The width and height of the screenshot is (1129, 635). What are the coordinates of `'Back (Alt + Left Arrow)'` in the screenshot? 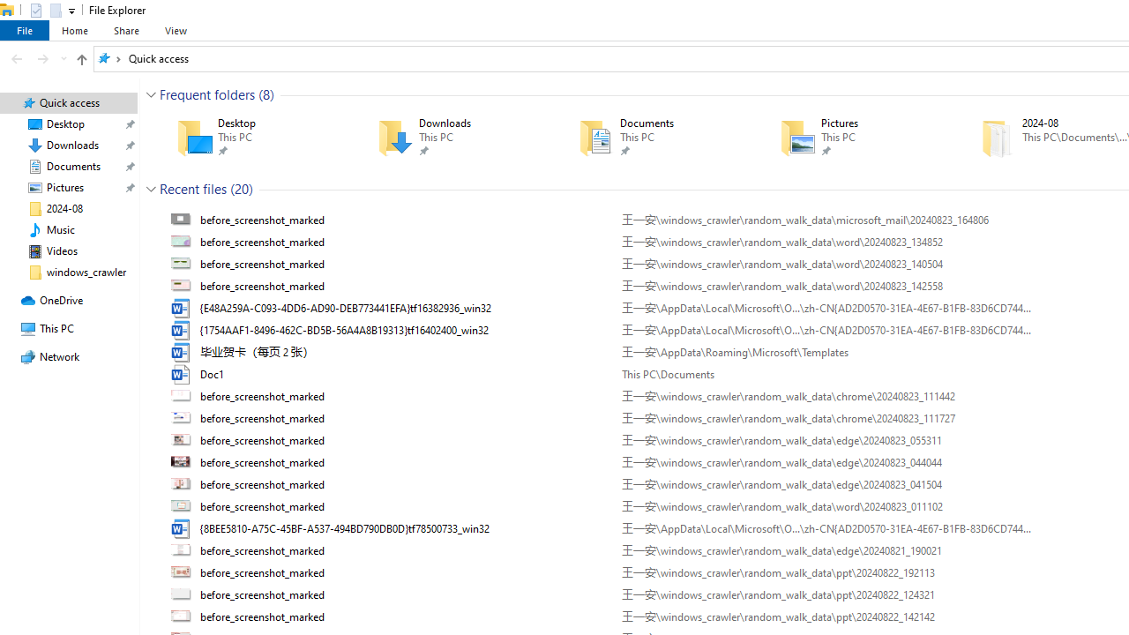 It's located at (17, 57).